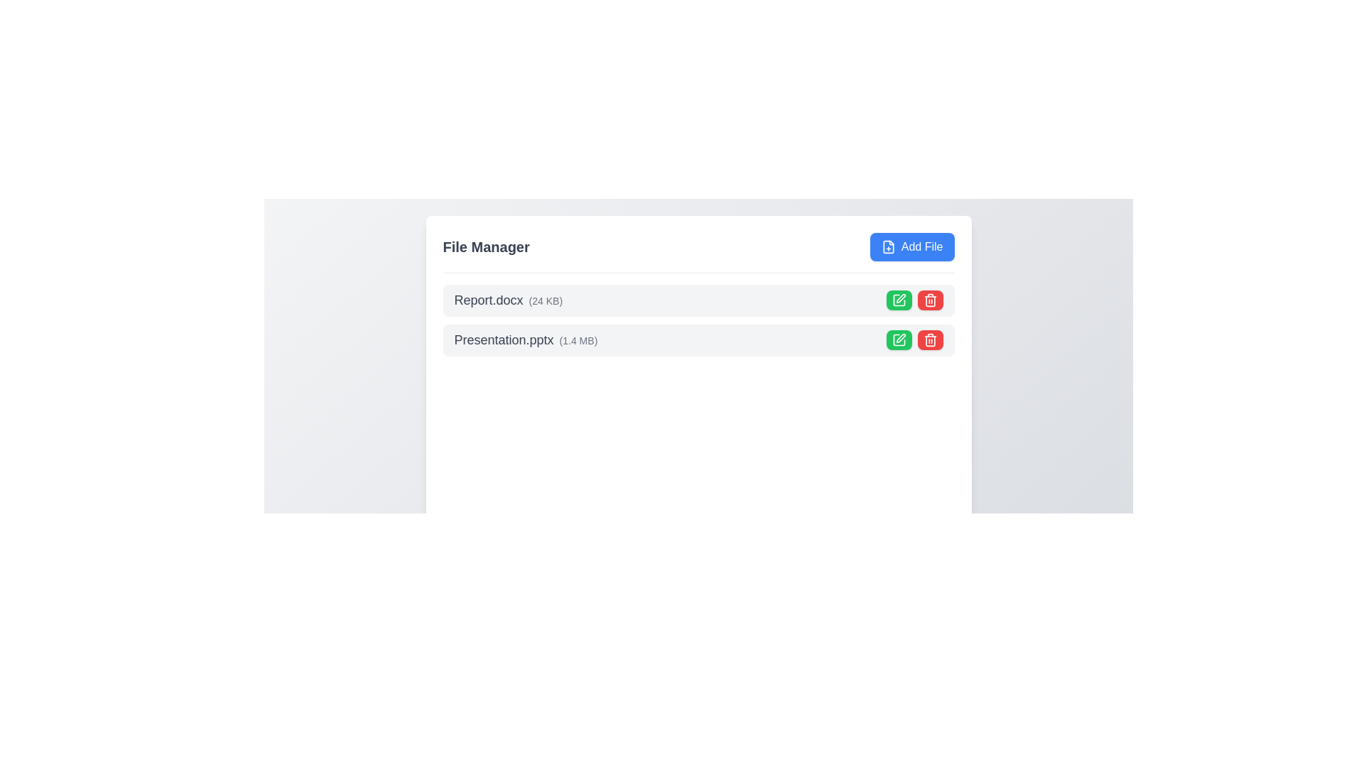 The width and height of the screenshot is (1364, 767). I want to click on the text label displaying 'Presentation.pptx (1.4 MB)' located in the second row of the file listing, so click(525, 339).